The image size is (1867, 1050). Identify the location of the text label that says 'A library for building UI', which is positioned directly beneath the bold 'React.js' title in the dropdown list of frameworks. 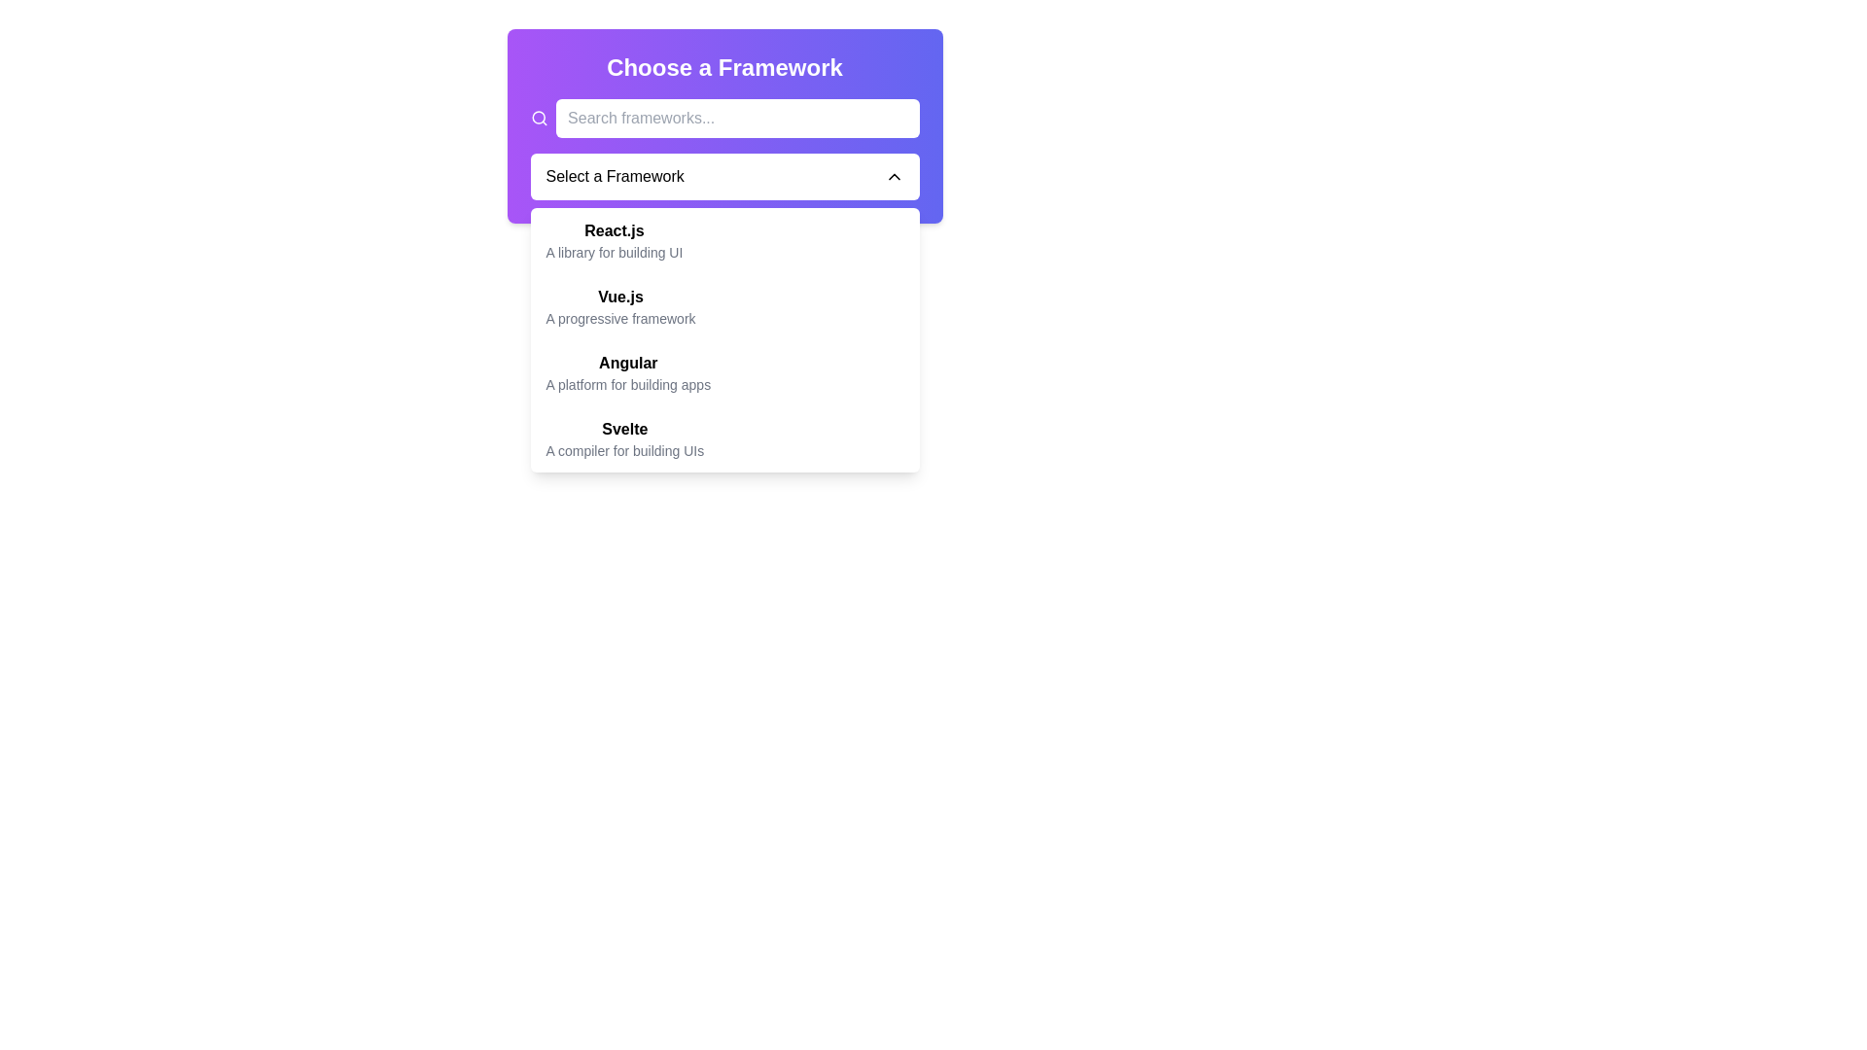
(613, 251).